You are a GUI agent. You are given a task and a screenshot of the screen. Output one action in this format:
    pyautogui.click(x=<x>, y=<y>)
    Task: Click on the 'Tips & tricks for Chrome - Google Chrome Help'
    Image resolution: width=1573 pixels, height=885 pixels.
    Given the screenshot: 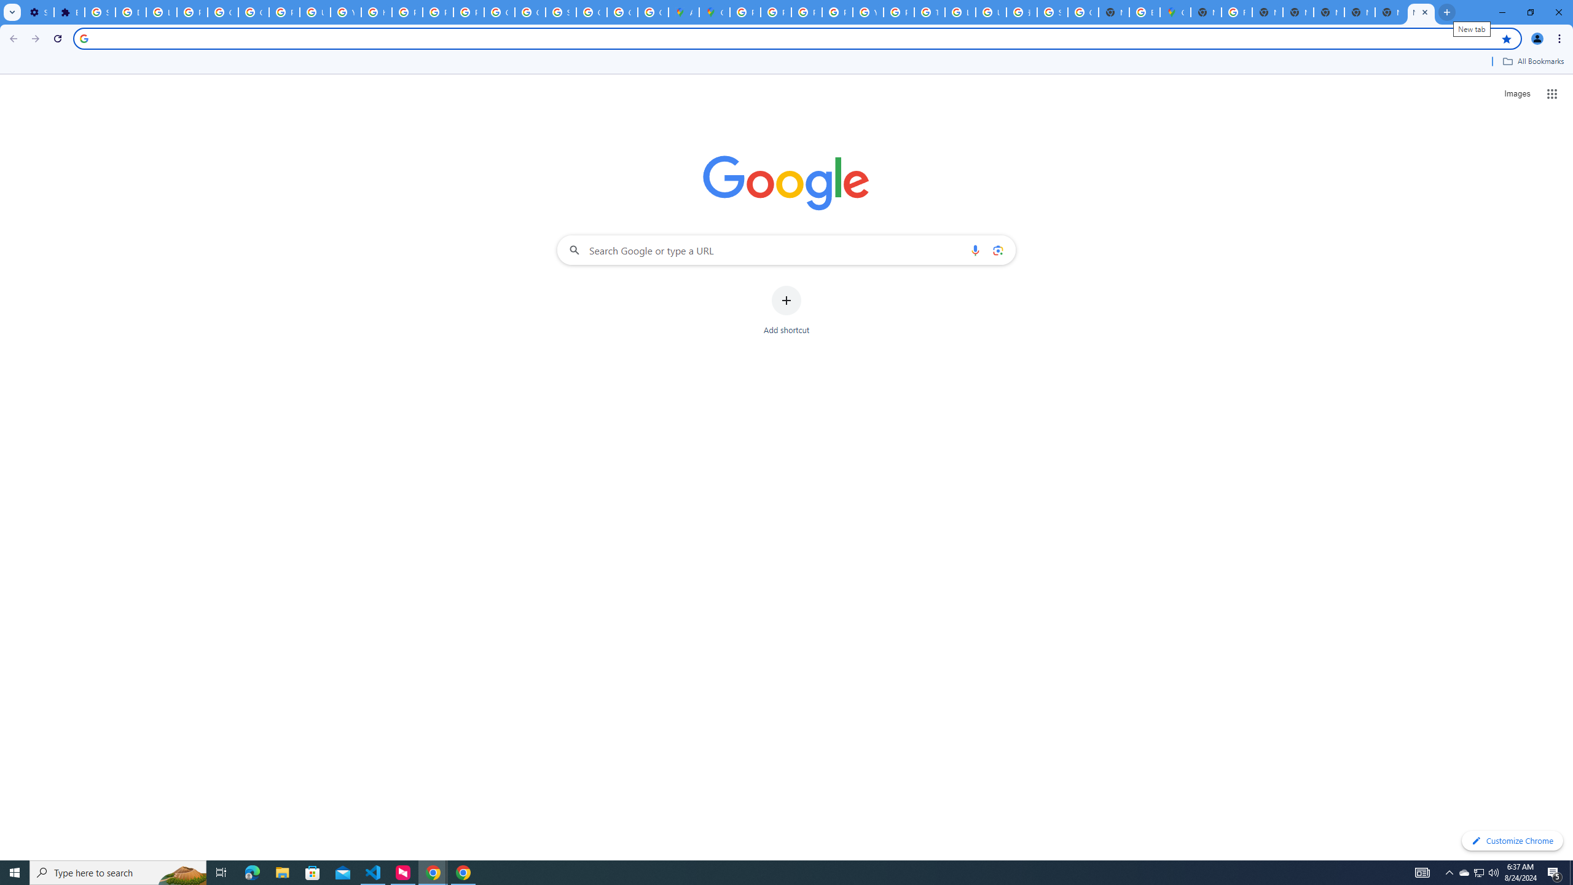 What is the action you would take?
    pyautogui.click(x=929, y=12)
    